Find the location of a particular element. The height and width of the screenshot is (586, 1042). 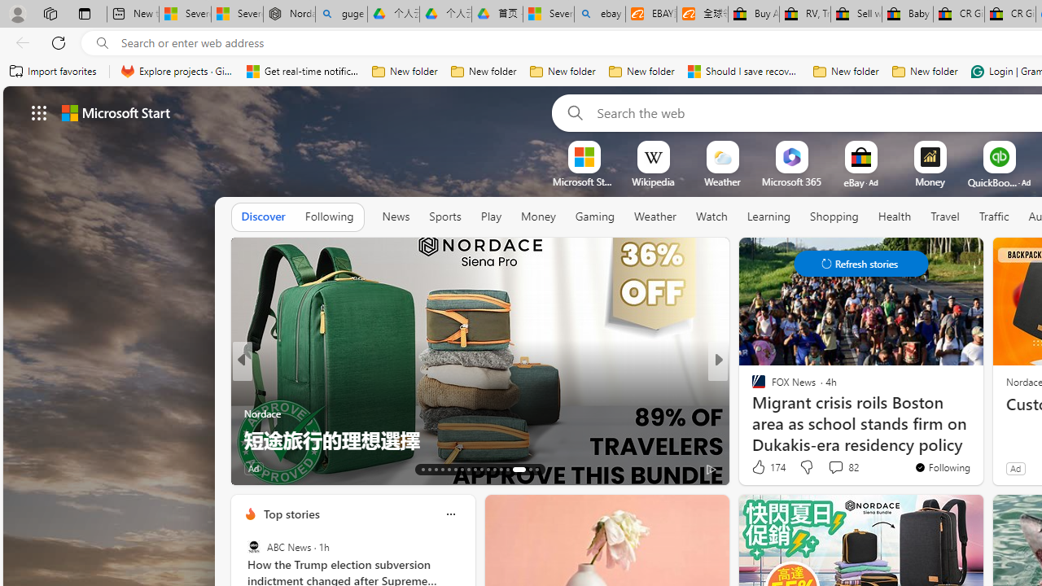

'Health' is located at coordinates (894, 216).